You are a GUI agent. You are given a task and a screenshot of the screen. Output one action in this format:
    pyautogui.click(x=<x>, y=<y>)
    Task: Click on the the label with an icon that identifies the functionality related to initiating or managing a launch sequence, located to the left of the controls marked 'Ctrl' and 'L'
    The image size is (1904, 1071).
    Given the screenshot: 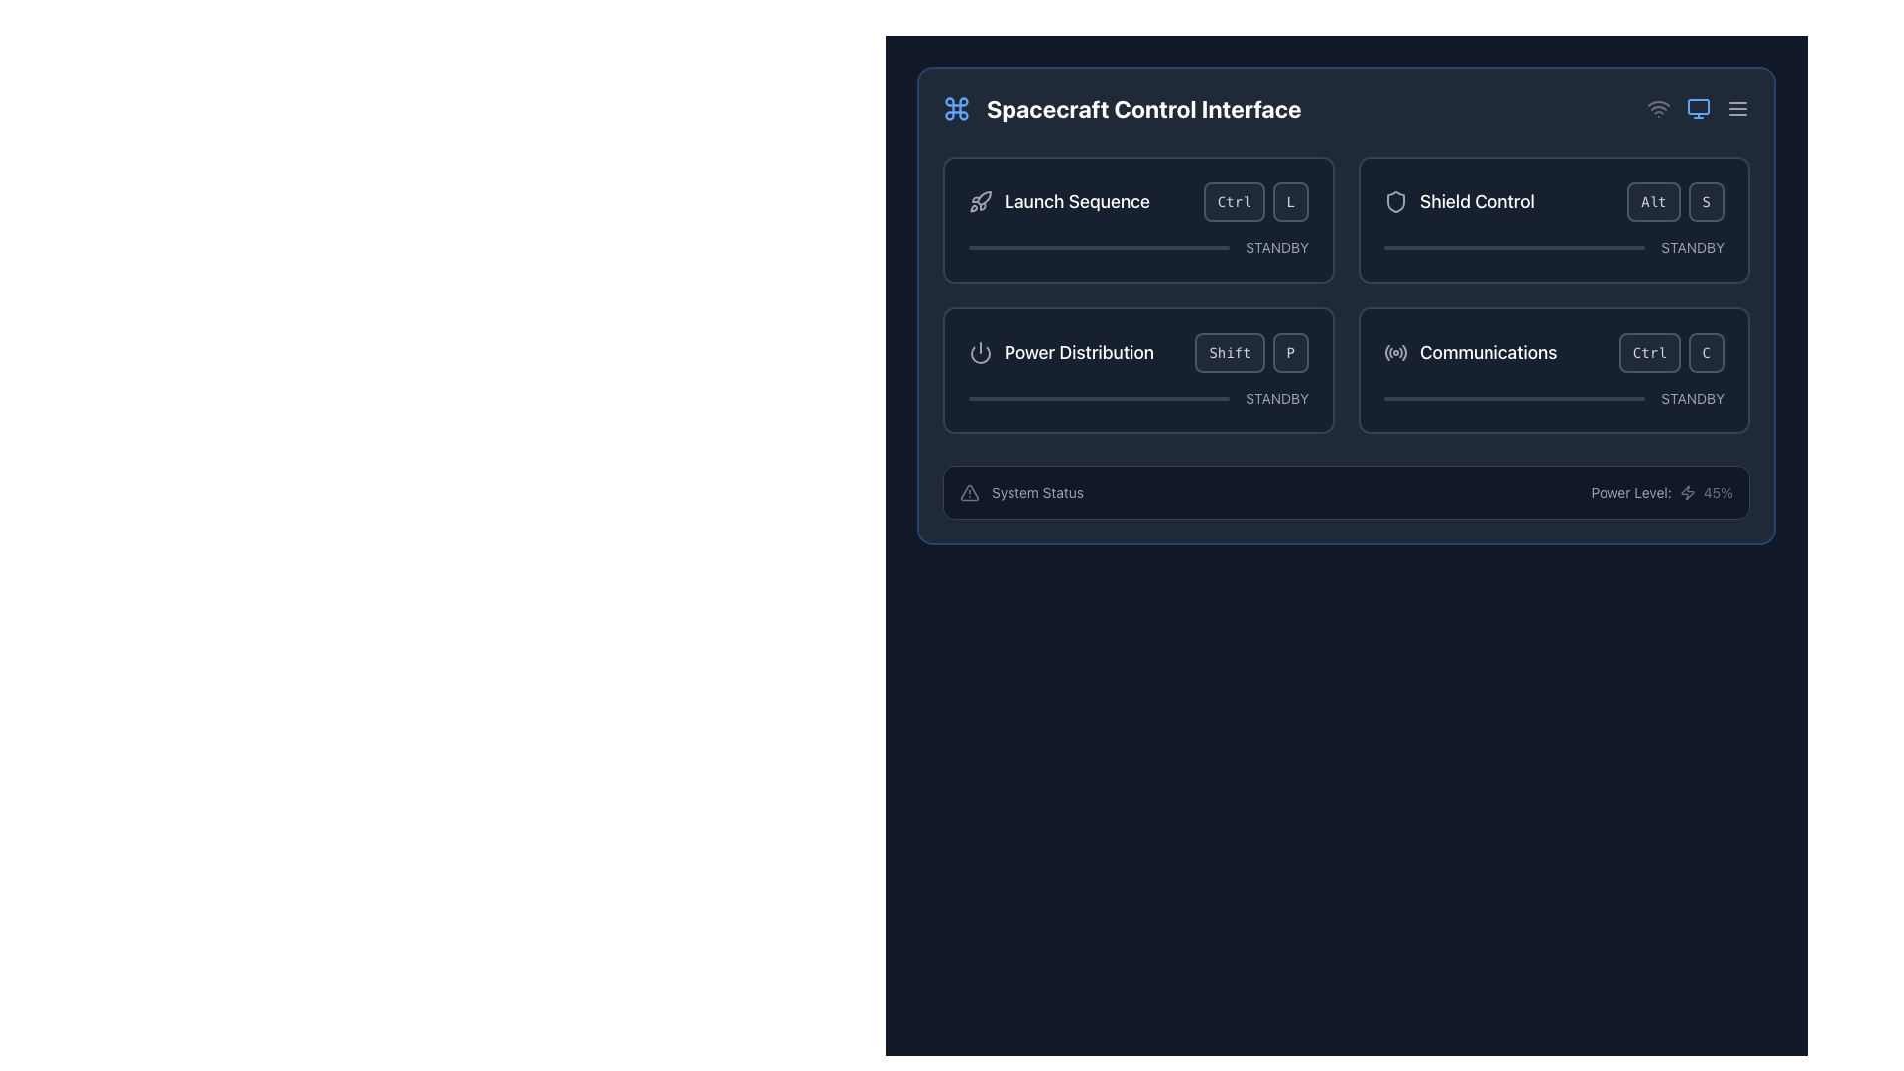 What is the action you would take?
    pyautogui.click(x=1058, y=202)
    